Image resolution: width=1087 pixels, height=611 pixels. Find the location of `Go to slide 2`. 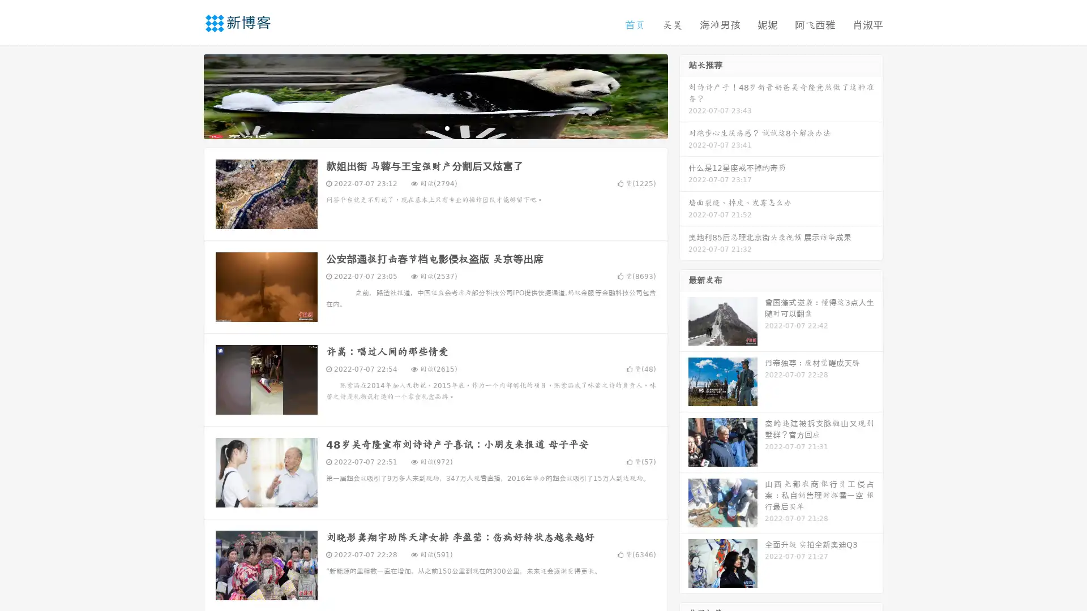

Go to slide 2 is located at coordinates (435, 127).